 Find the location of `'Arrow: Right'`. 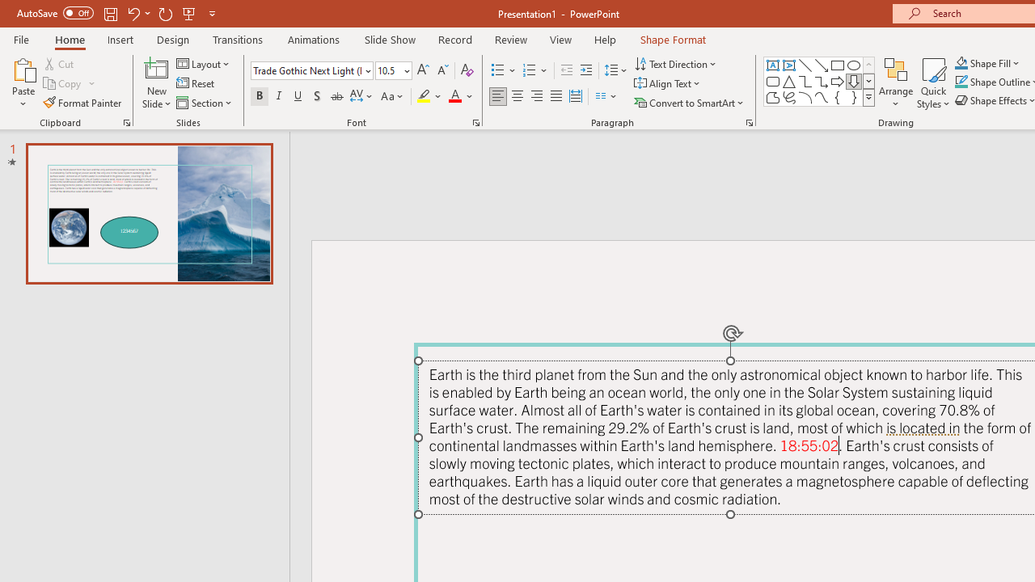

'Arrow: Right' is located at coordinates (838, 81).